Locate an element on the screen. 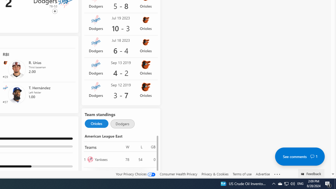 The height and width of the screenshot is (189, 336). 'See more' is located at coordinates (277, 174).